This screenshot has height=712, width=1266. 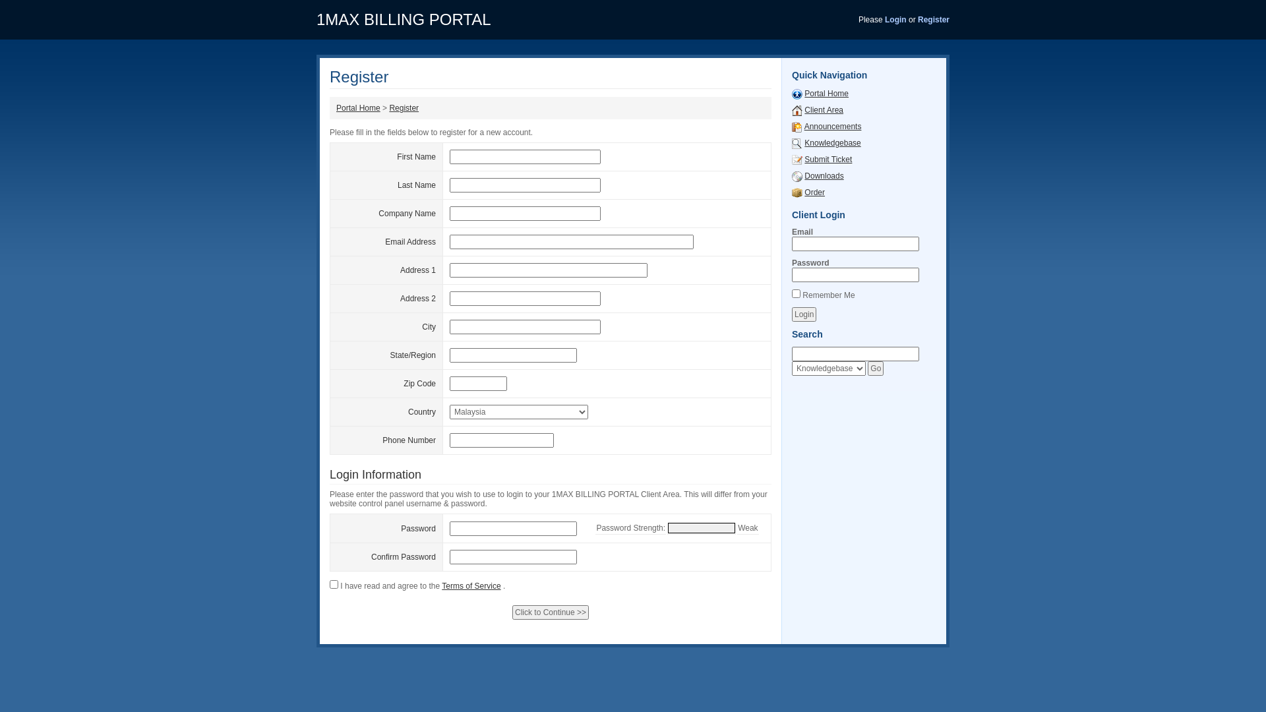 I want to click on 'Portal Home', so click(x=826, y=93).